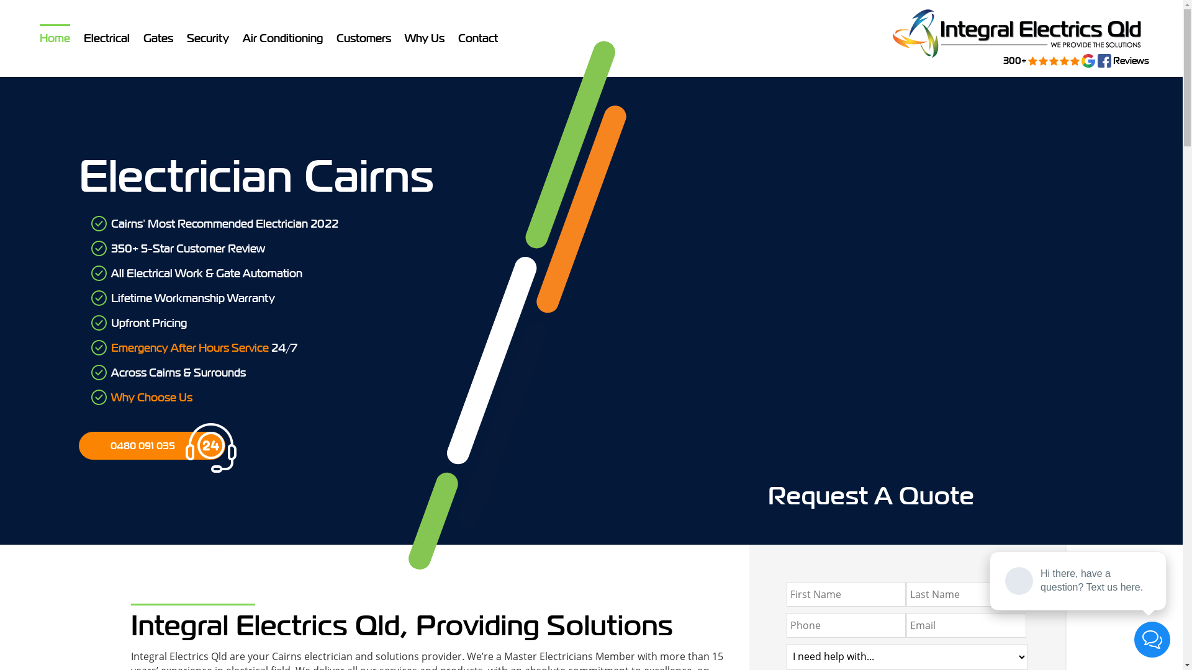 The image size is (1192, 670). I want to click on 'Customers', so click(363, 37).